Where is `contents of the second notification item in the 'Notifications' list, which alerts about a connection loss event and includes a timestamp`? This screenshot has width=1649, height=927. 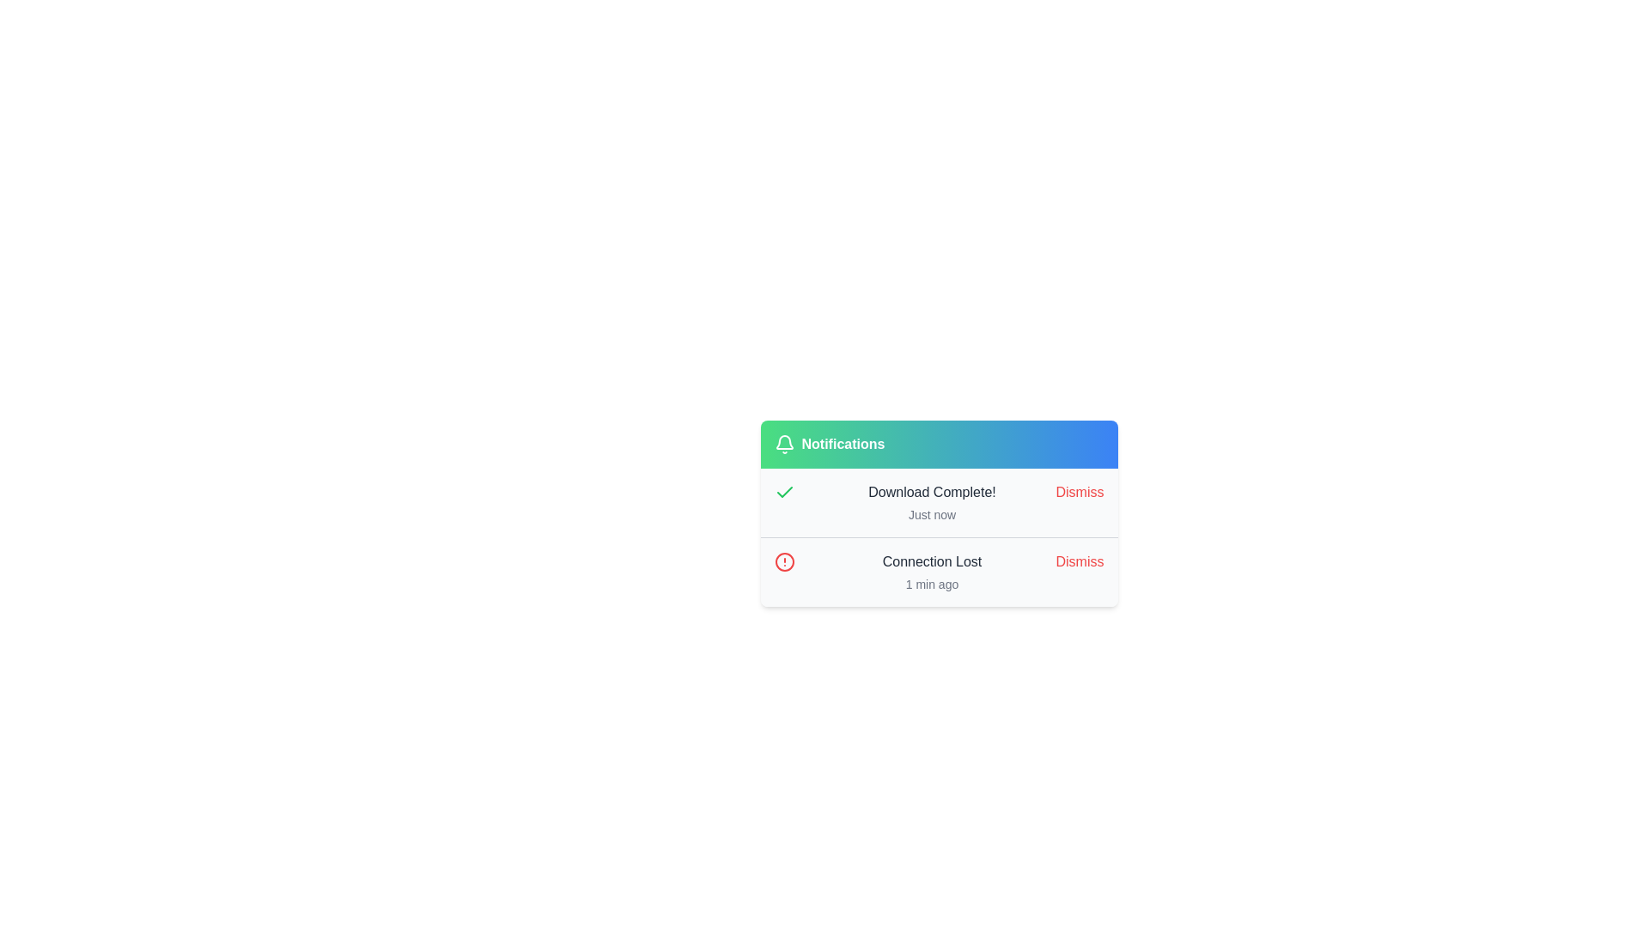
contents of the second notification item in the 'Notifications' list, which alerts about a connection loss event and includes a timestamp is located at coordinates (931, 573).